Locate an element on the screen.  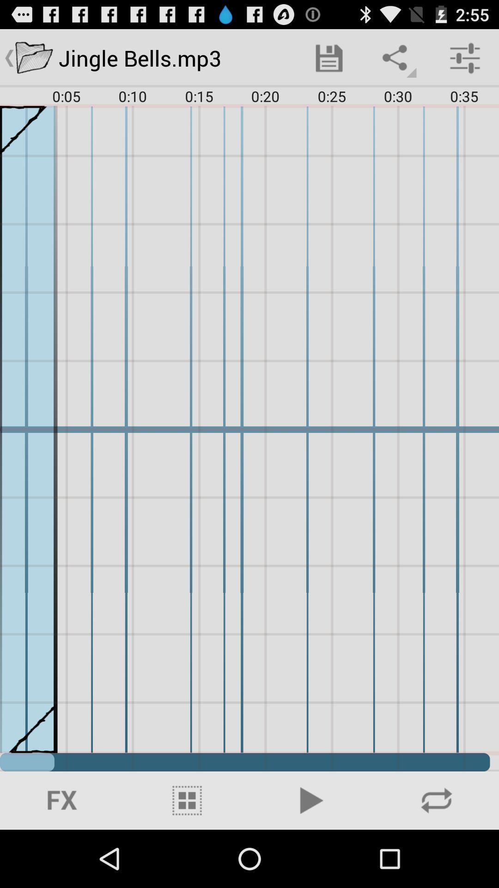
search is located at coordinates (437, 800).